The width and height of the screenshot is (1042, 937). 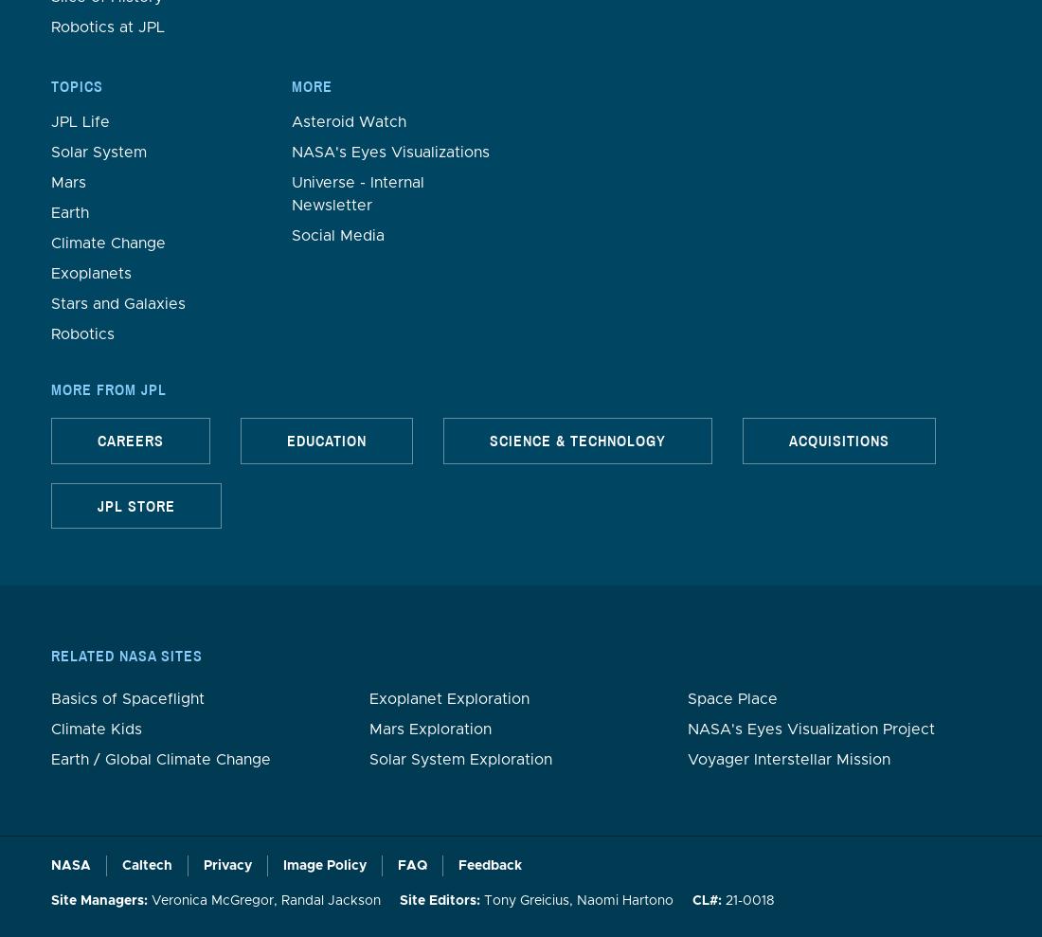 What do you see at coordinates (448, 698) in the screenshot?
I see `'Exoplanet Exploration'` at bounding box center [448, 698].